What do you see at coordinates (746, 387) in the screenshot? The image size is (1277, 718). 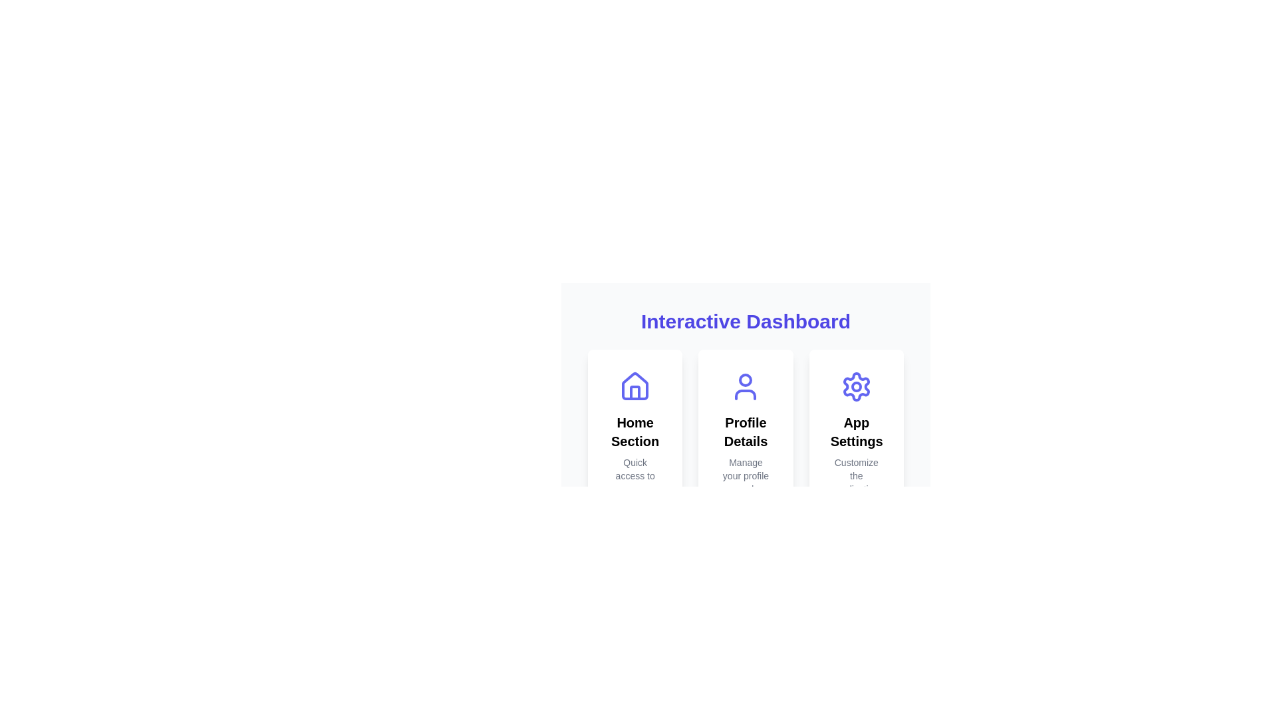 I see `the user icon styled in blue, located centrally within the white card labeled 'Profile Details'` at bounding box center [746, 387].